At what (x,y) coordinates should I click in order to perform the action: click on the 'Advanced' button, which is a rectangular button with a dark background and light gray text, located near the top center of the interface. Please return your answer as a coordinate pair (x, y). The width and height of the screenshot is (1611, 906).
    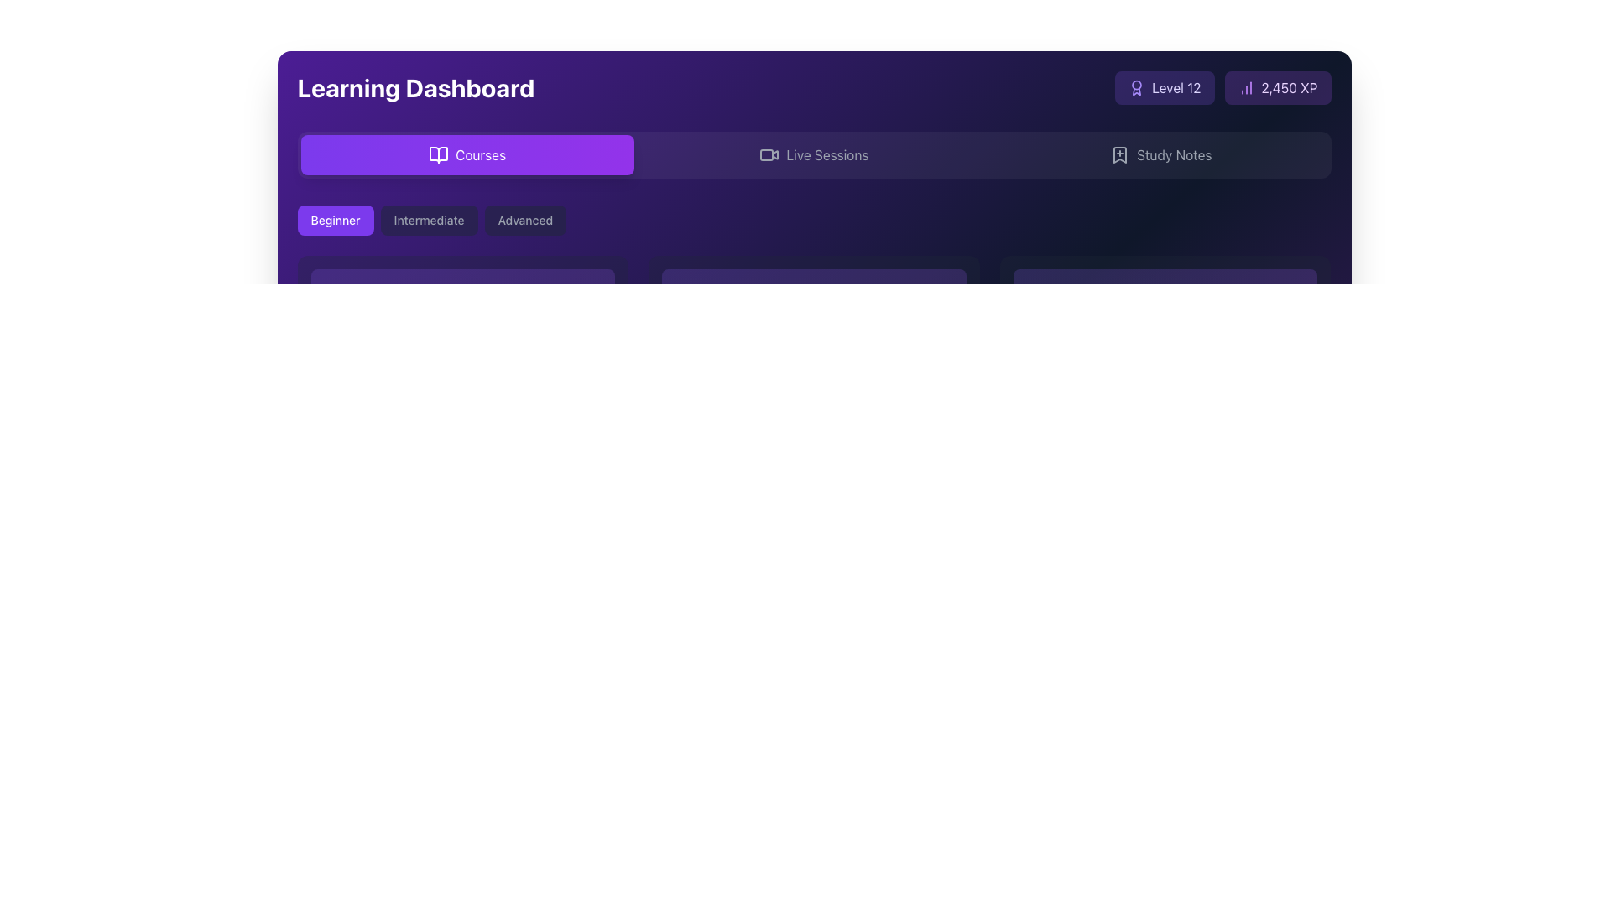
    Looking at the image, I should click on (524, 219).